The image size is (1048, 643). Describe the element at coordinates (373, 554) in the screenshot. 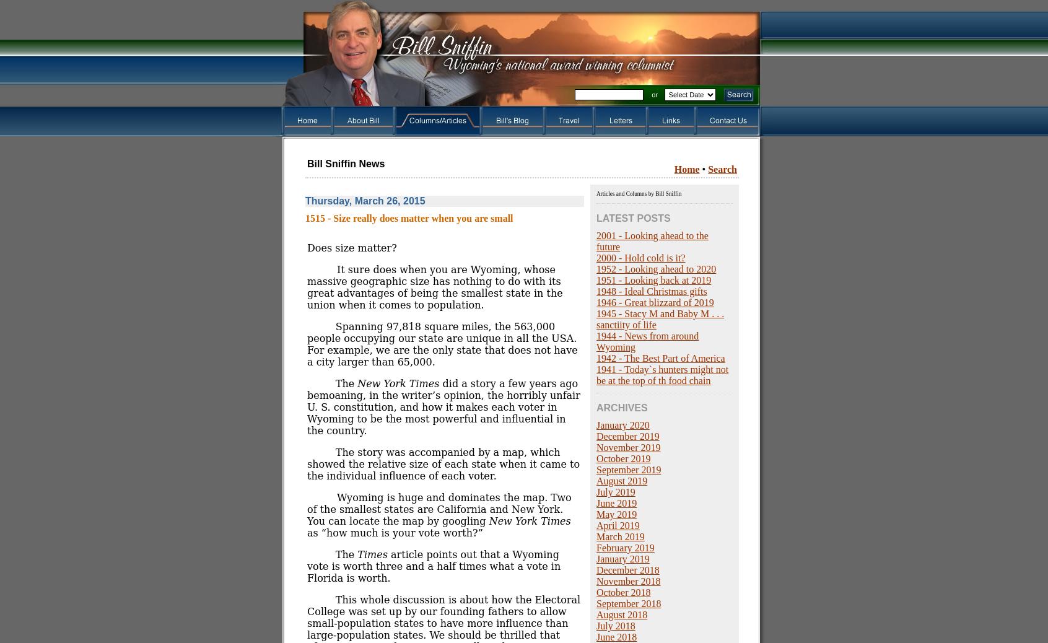

I see `'Times'` at that location.